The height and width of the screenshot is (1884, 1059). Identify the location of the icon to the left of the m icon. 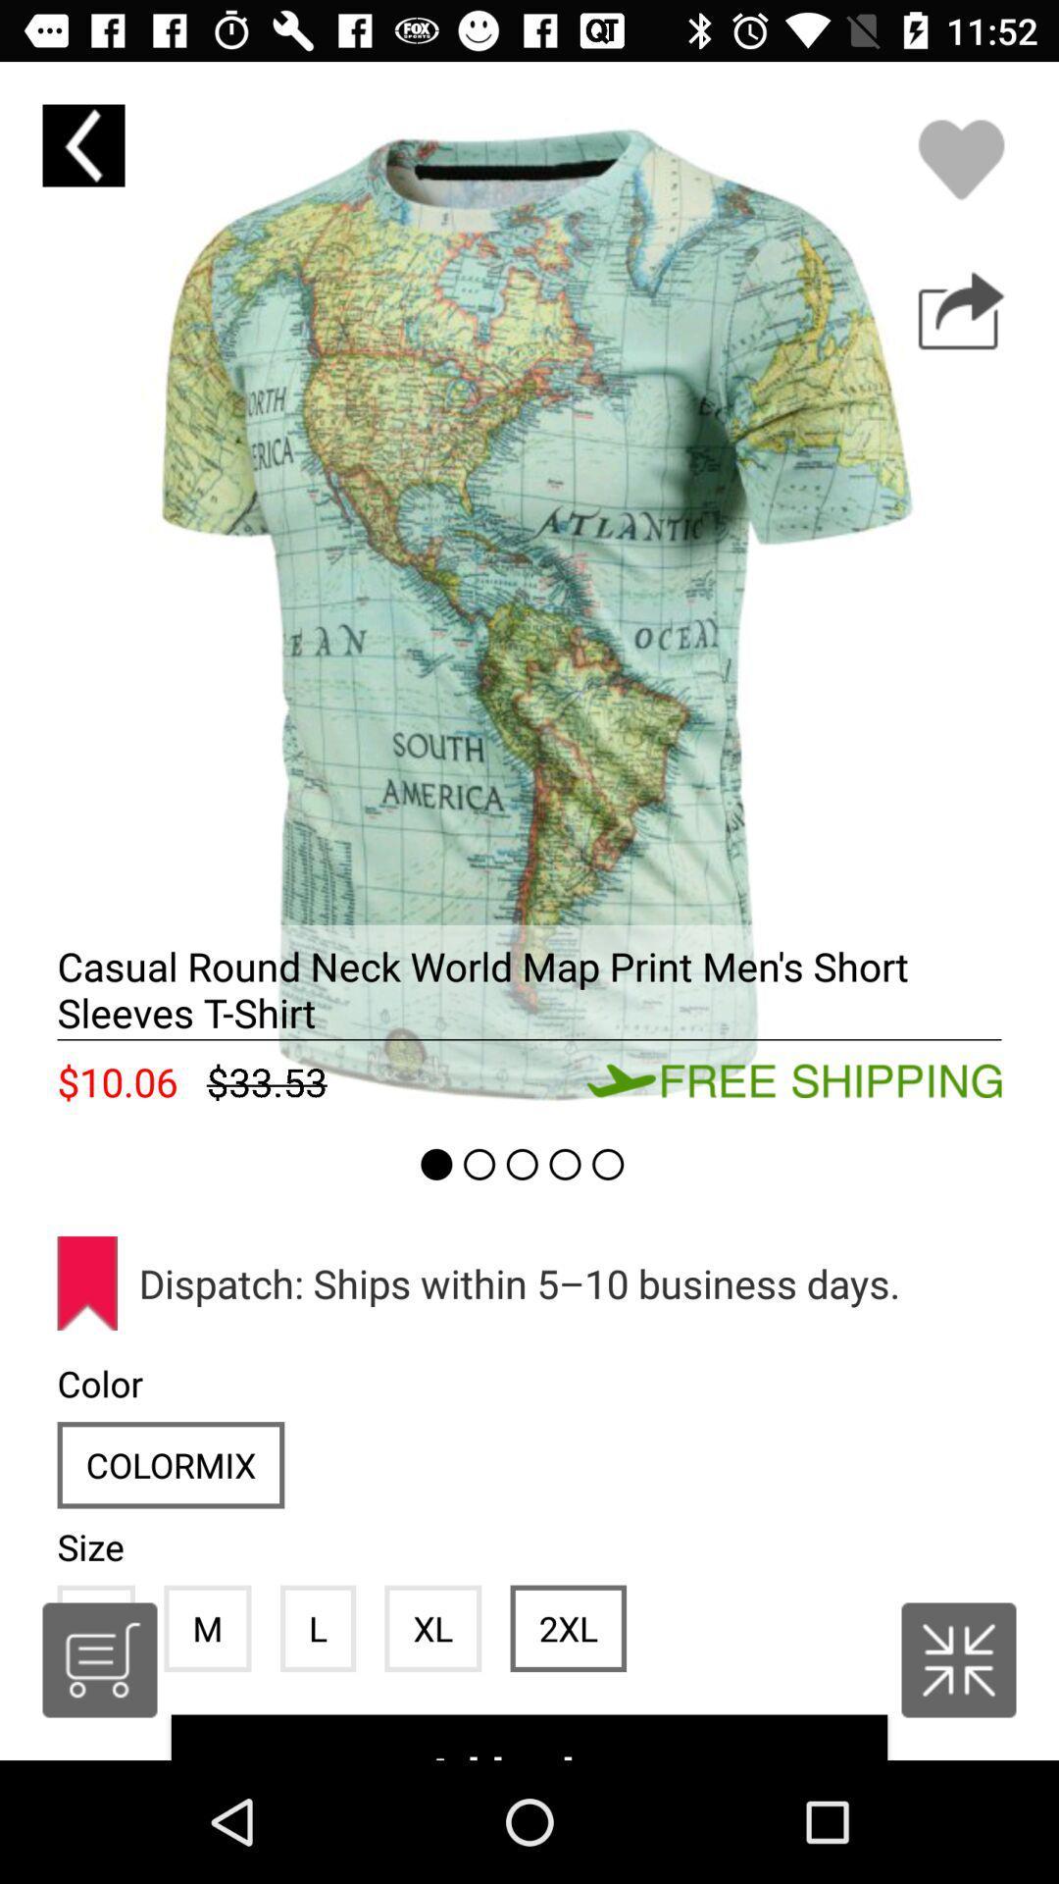
(99, 1658).